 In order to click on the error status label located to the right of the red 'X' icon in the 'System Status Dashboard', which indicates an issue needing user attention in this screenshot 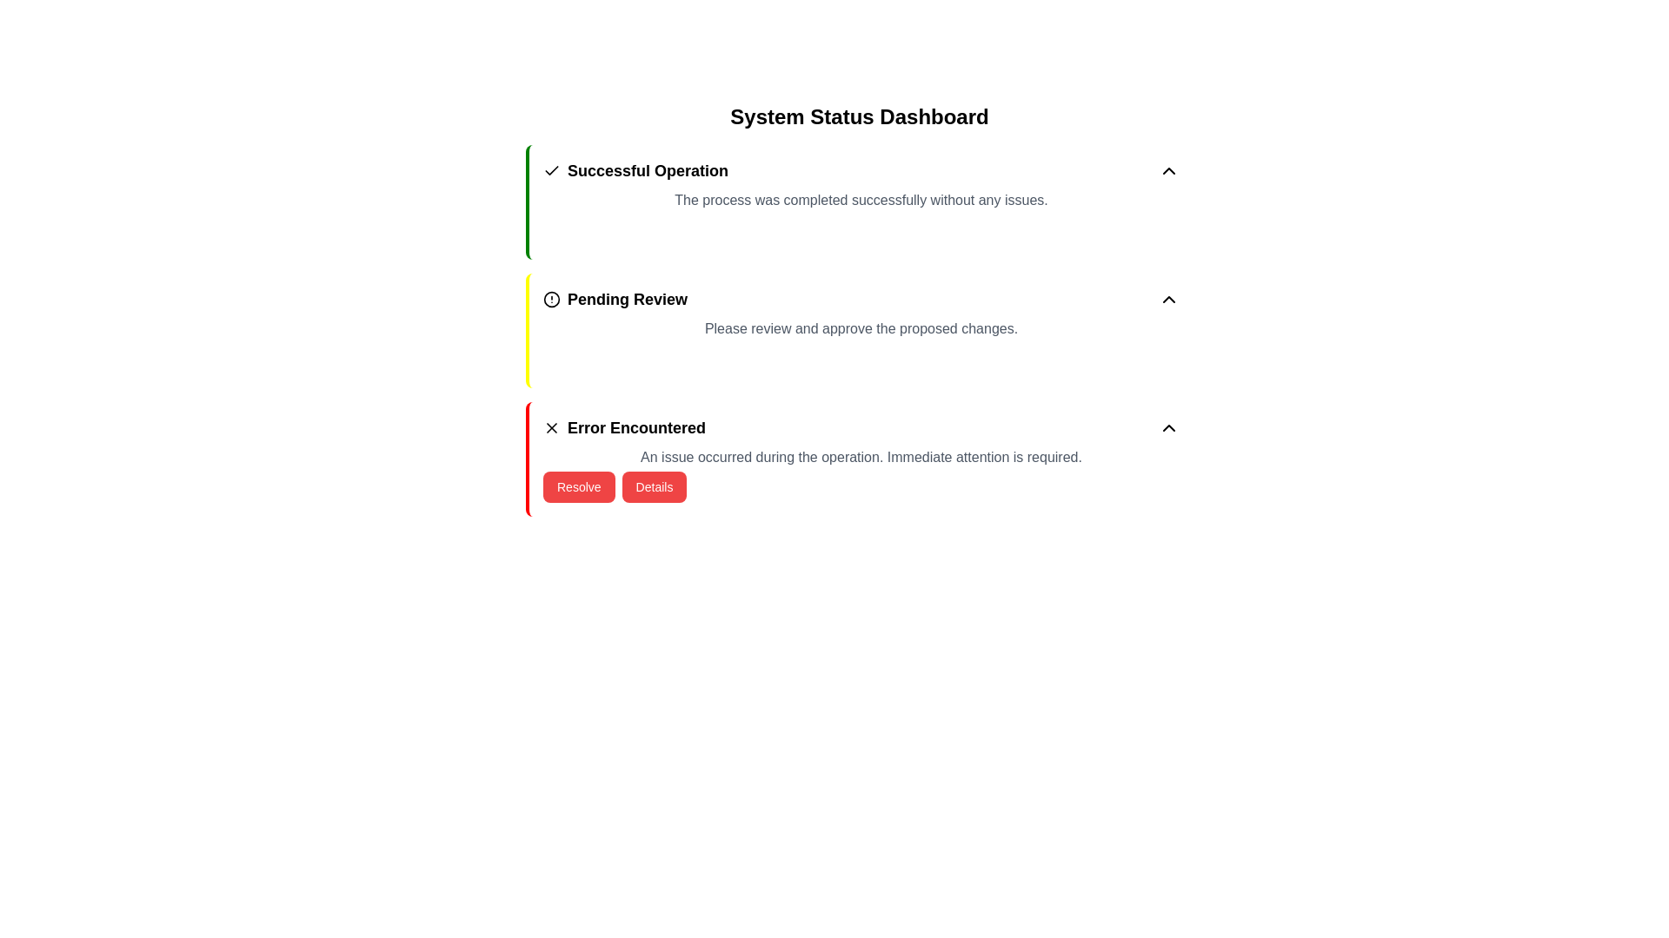, I will do `click(635, 428)`.